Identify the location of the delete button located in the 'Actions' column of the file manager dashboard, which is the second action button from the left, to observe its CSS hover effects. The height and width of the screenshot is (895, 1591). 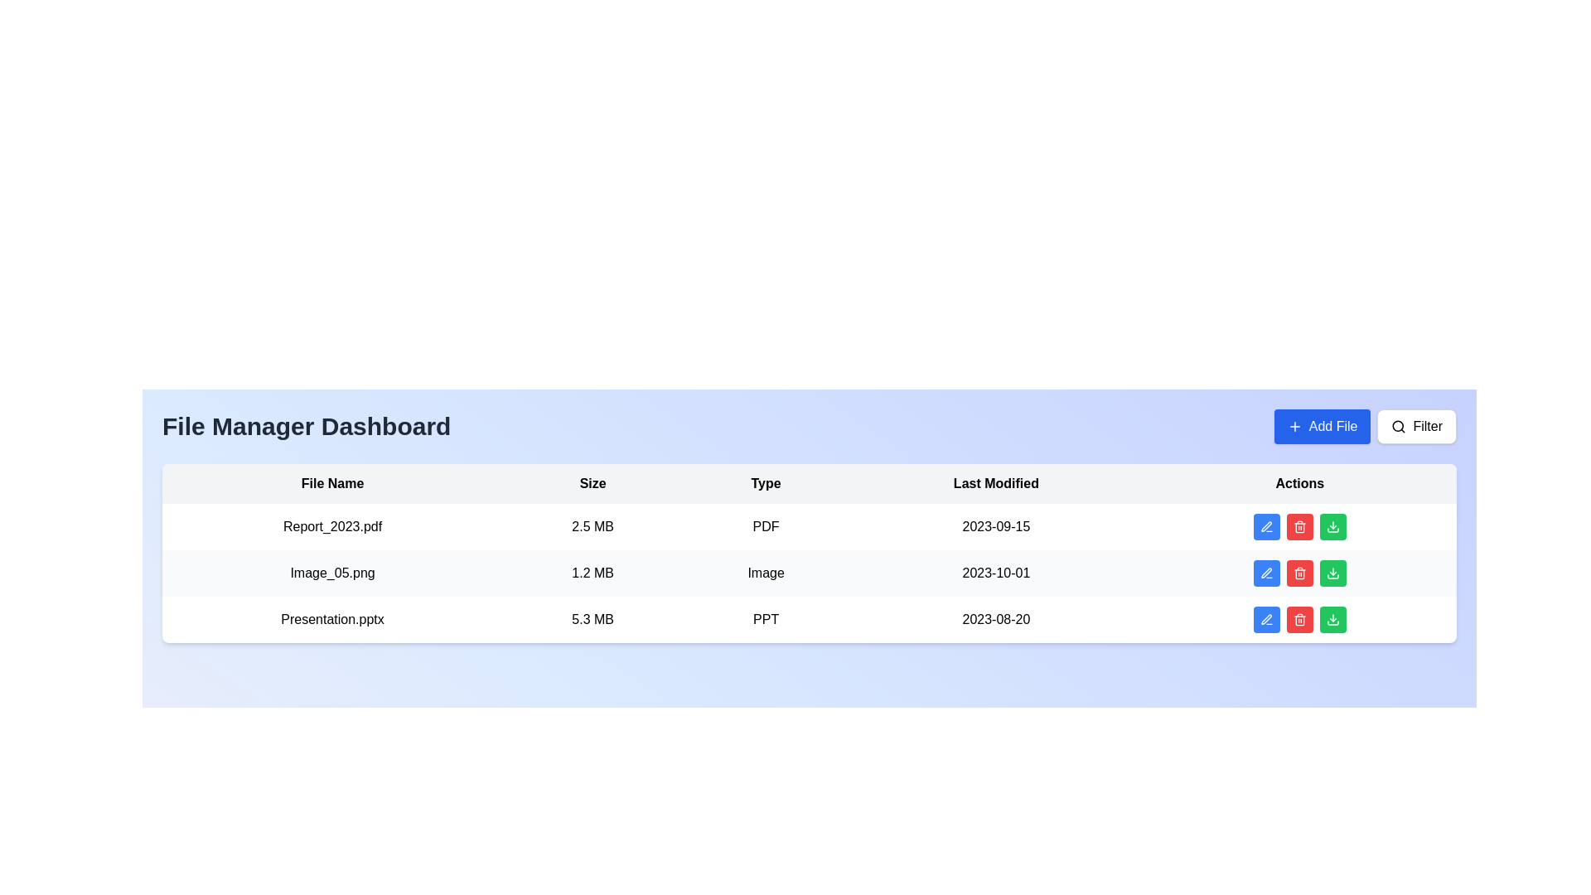
(1298, 527).